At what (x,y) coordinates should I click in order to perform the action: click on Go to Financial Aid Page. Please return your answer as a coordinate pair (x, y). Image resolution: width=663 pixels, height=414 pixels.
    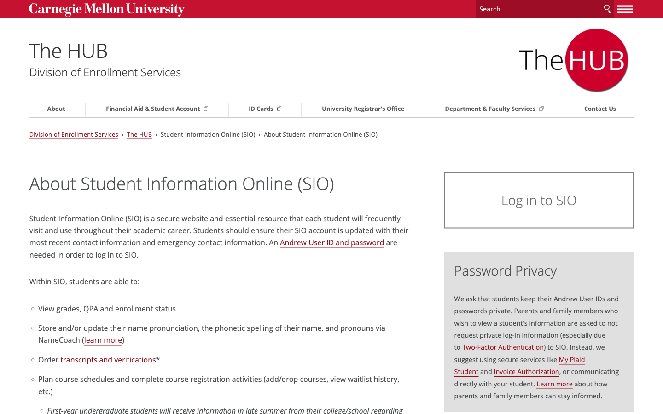
    Looking at the image, I should click on (168, 108).